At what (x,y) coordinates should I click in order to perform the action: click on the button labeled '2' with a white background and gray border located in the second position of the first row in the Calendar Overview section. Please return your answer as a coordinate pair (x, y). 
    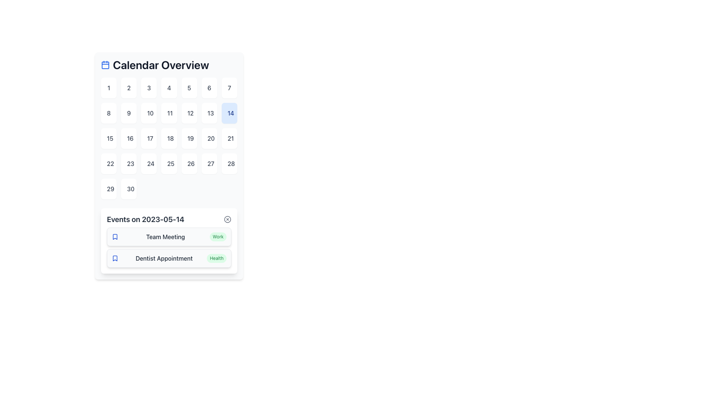
    Looking at the image, I should click on (129, 87).